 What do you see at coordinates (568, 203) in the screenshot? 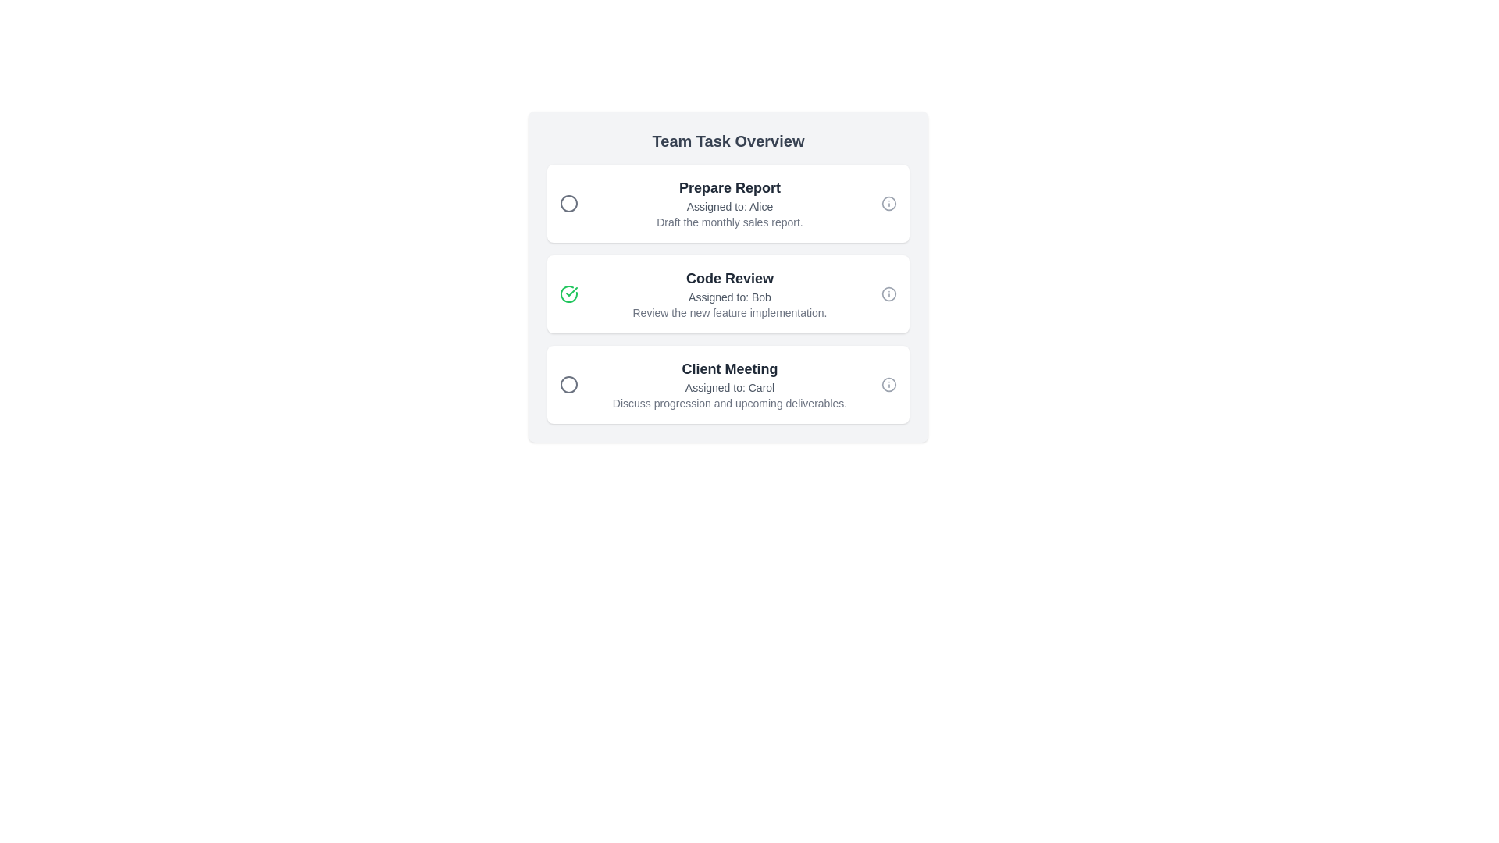
I see `the circular icon located to the left of the 'Prepare Report' title, which is part of the first task list item` at bounding box center [568, 203].